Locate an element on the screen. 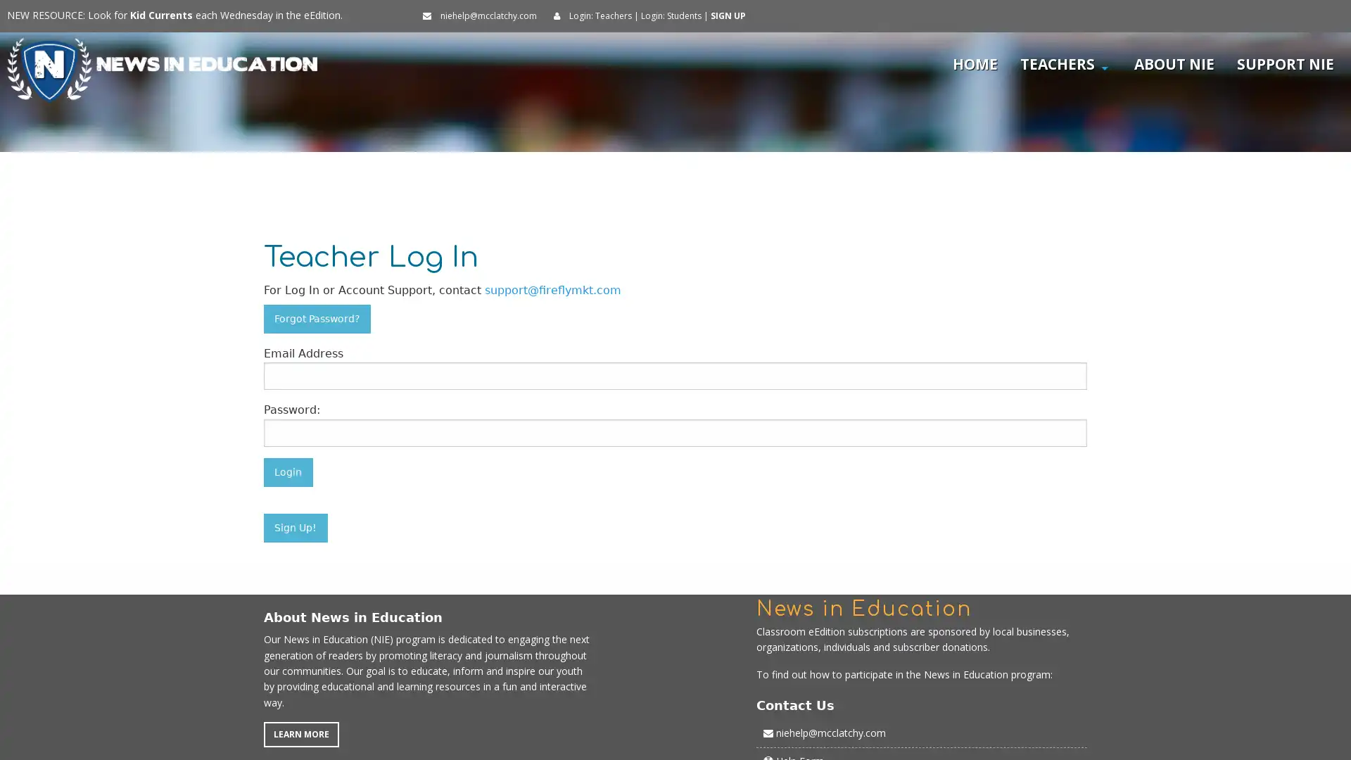 This screenshot has width=1351, height=760. Login is located at coordinates (287, 471).